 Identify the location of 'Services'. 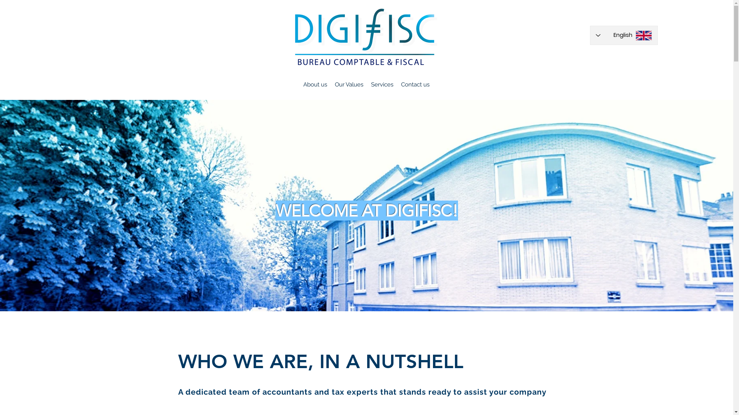
(382, 84).